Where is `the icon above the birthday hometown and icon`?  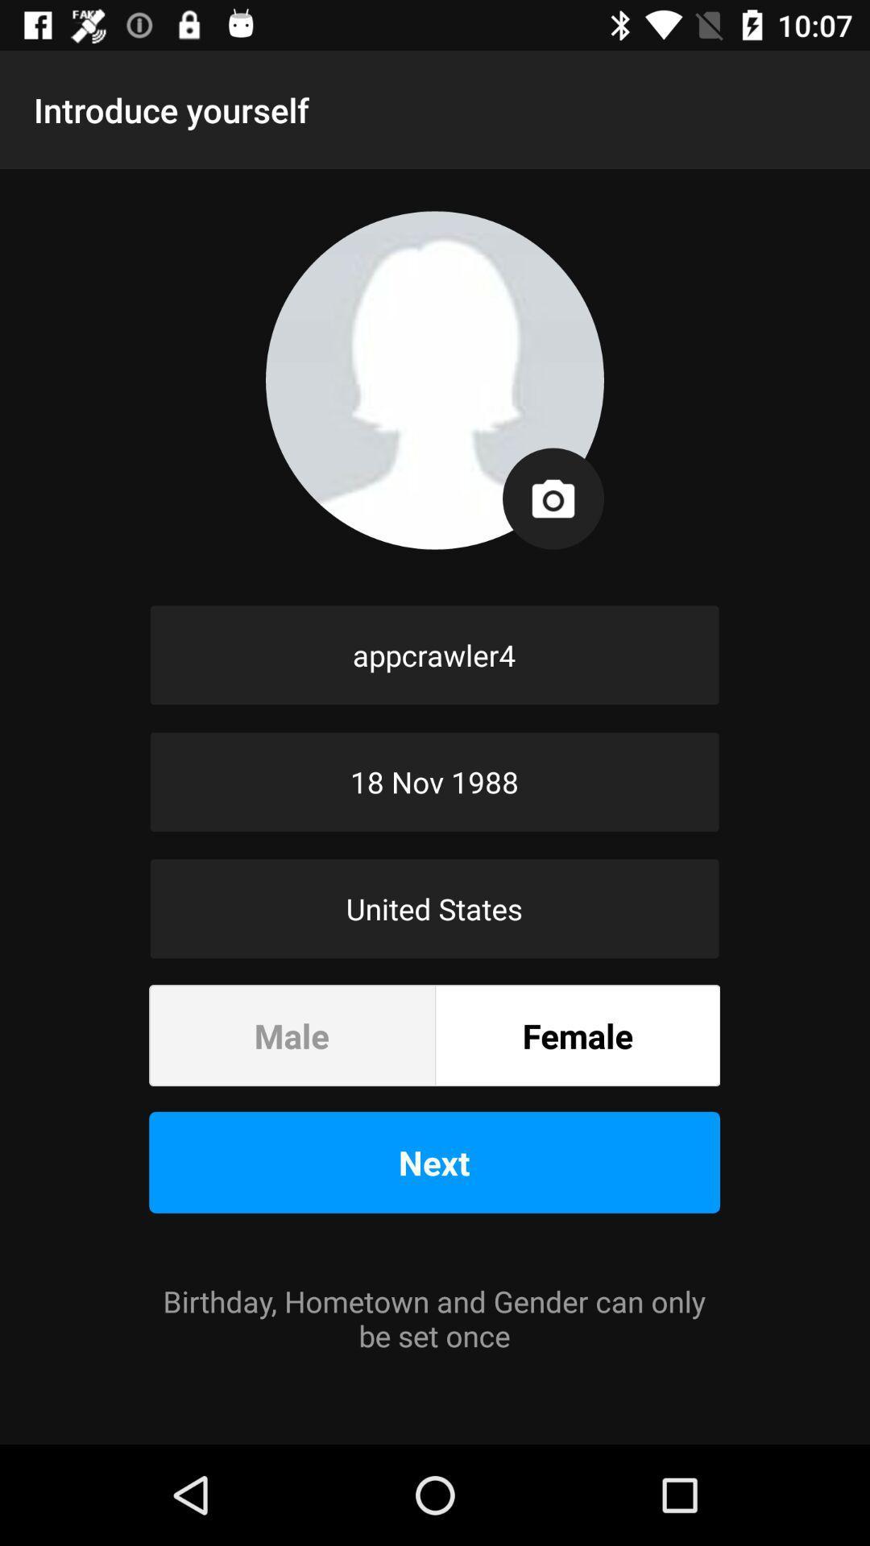 the icon above the birthday hometown and icon is located at coordinates (433, 1162).